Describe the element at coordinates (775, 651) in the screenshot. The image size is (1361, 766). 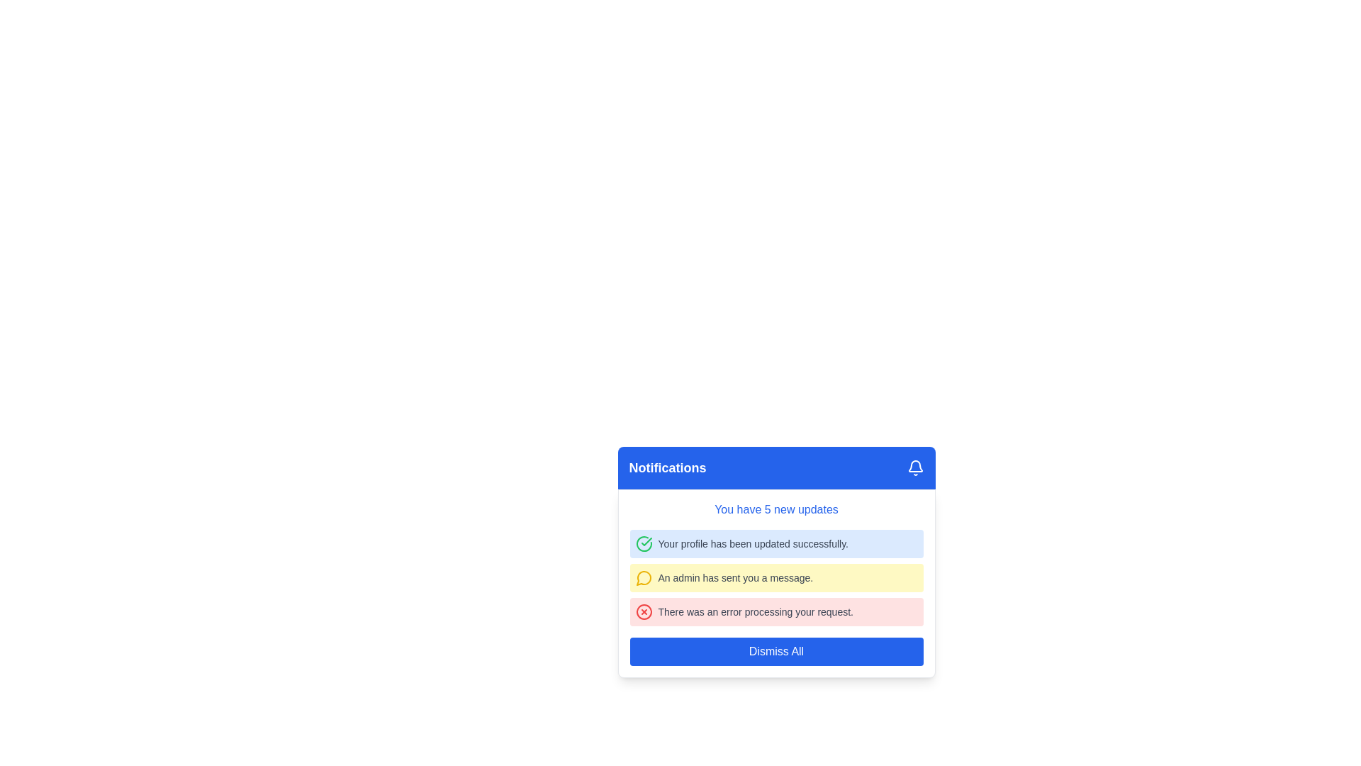
I see `the button located directly below the list of notifications in the notification panel` at that location.